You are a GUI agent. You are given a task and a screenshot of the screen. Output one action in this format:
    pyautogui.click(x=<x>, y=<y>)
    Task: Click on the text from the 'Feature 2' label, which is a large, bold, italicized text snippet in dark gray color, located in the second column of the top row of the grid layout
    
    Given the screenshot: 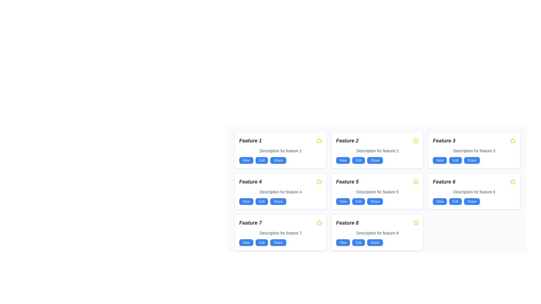 What is the action you would take?
    pyautogui.click(x=347, y=140)
    